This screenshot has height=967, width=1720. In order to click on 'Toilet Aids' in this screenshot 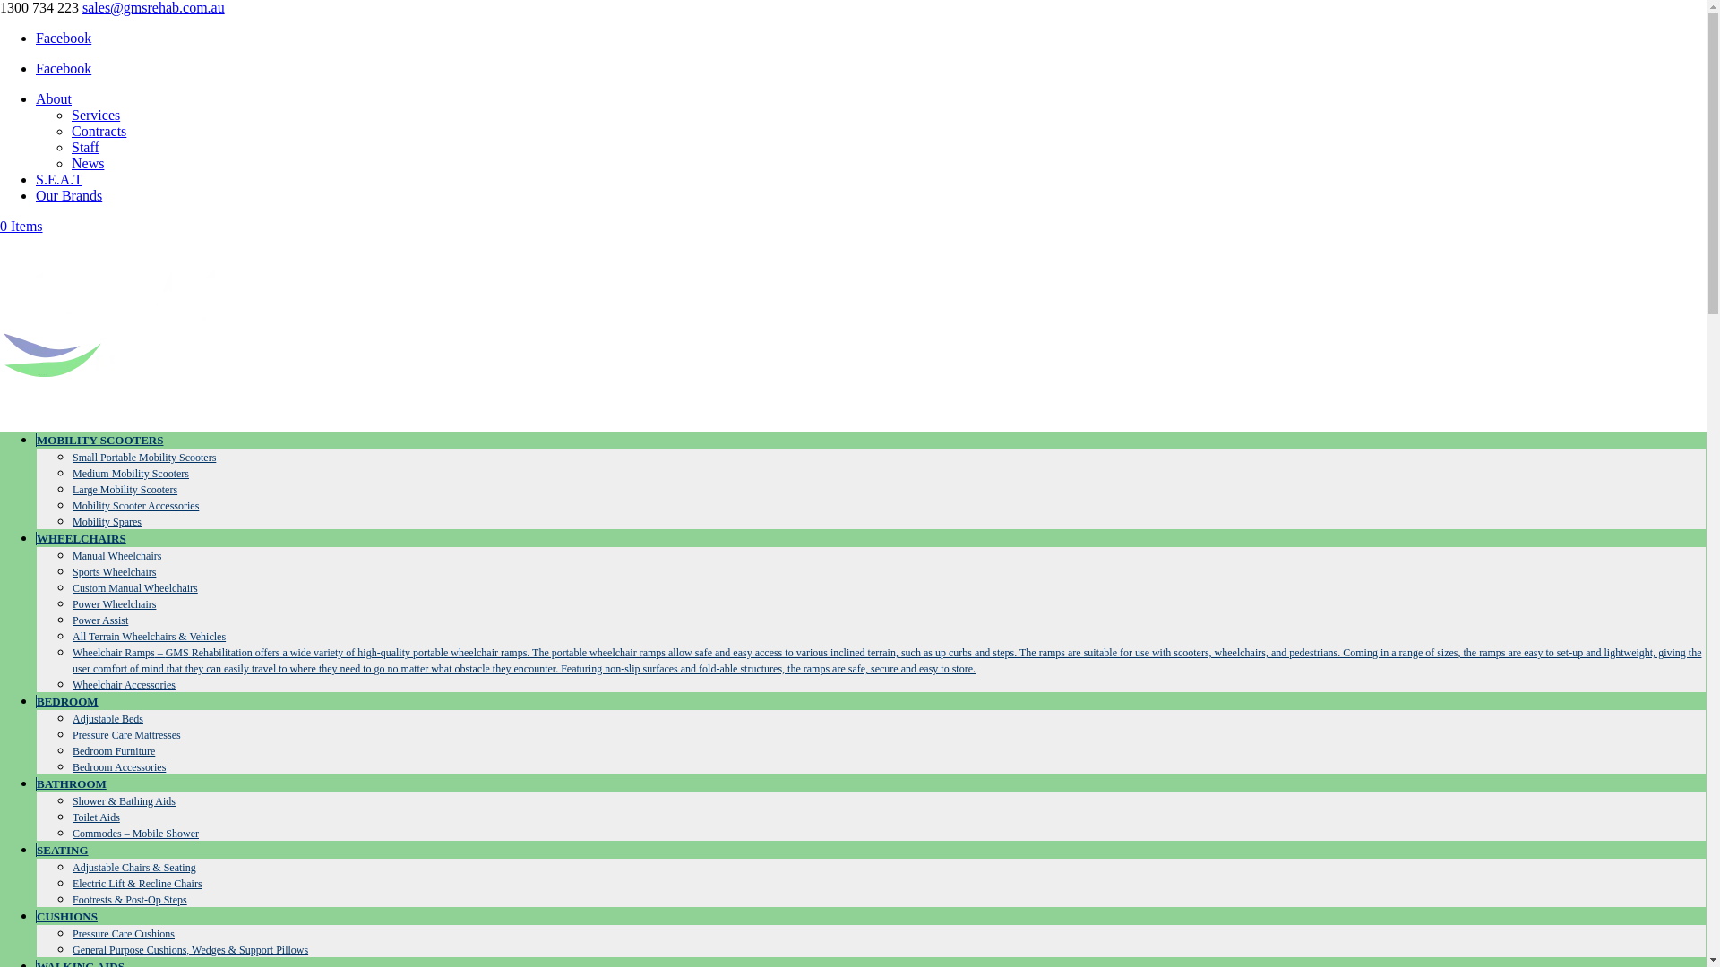, I will do `click(72, 817)`.